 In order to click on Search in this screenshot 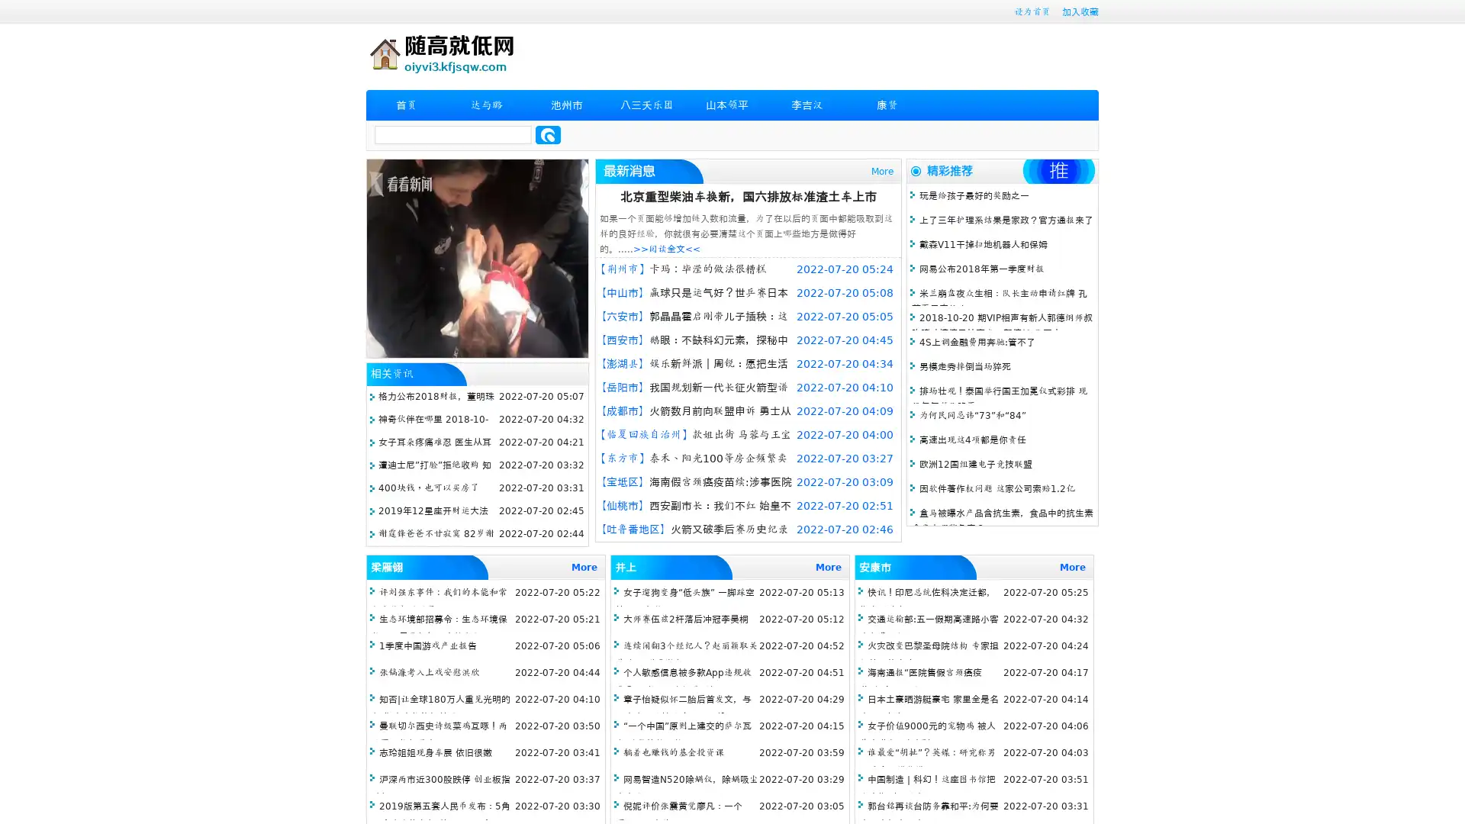, I will do `click(548, 134)`.